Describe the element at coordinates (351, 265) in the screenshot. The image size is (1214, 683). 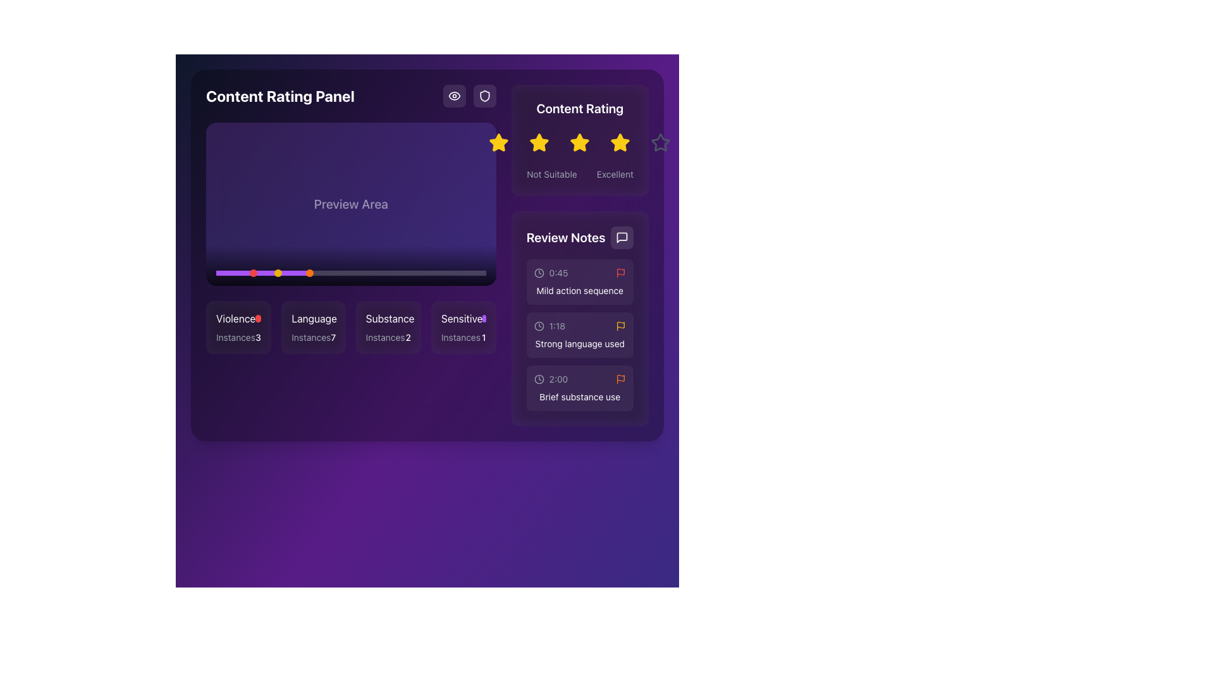
I see `the Decorative overlay located at the bottom of the preview area, directly below the 'Preview Area' text, which spans the entire bottom width` at that location.